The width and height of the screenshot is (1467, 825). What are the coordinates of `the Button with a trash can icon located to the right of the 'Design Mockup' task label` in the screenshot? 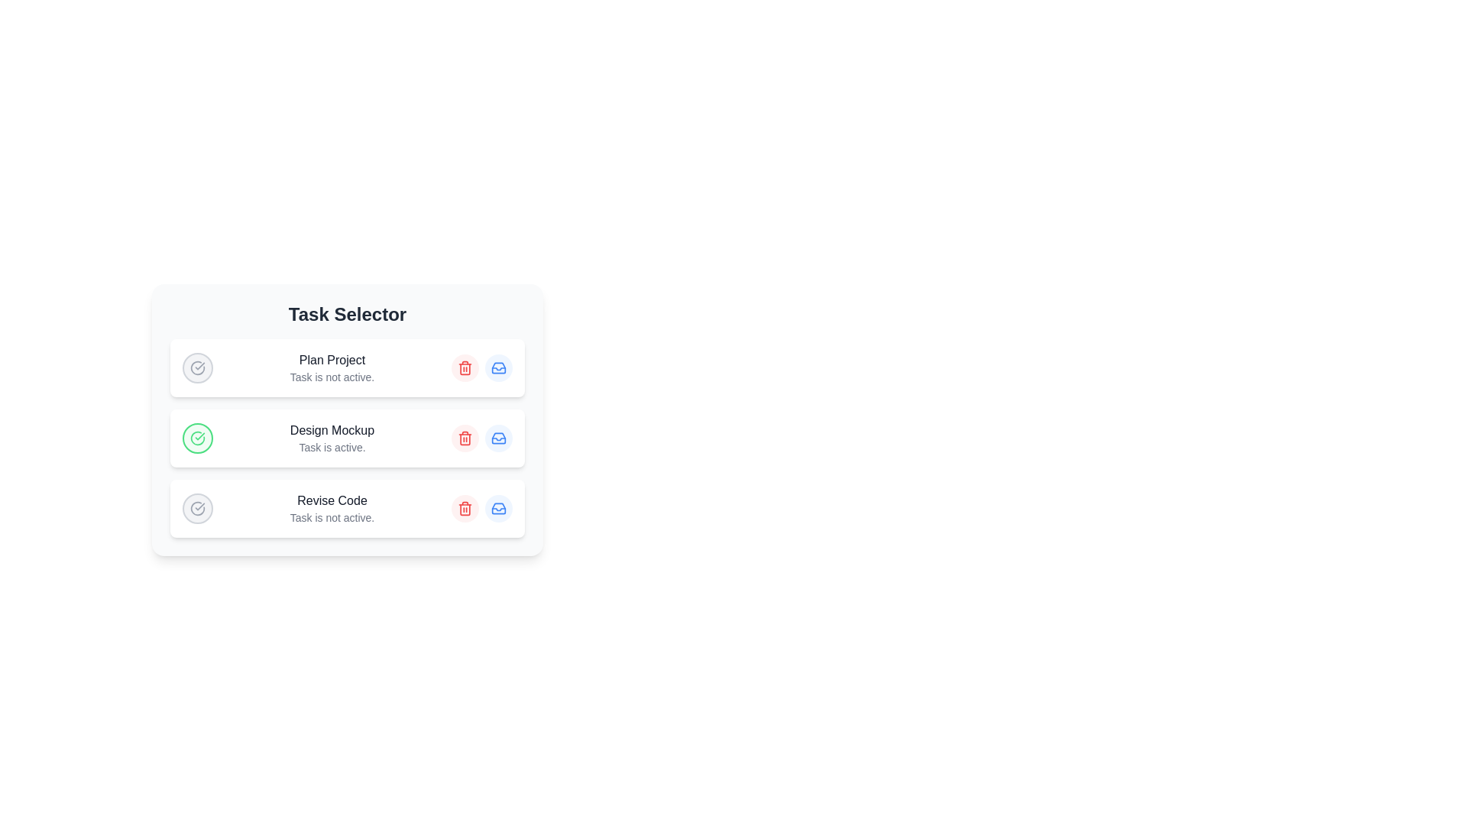 It's located at (465, 438).